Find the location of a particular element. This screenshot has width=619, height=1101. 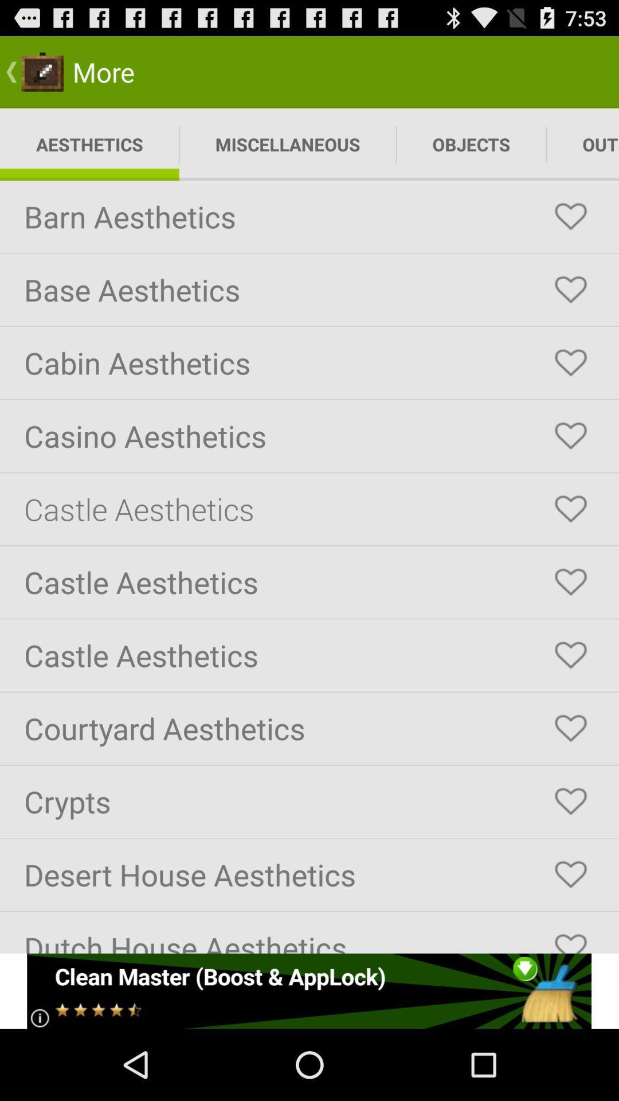

the base aesthetic is located at coordinates (570, 290).